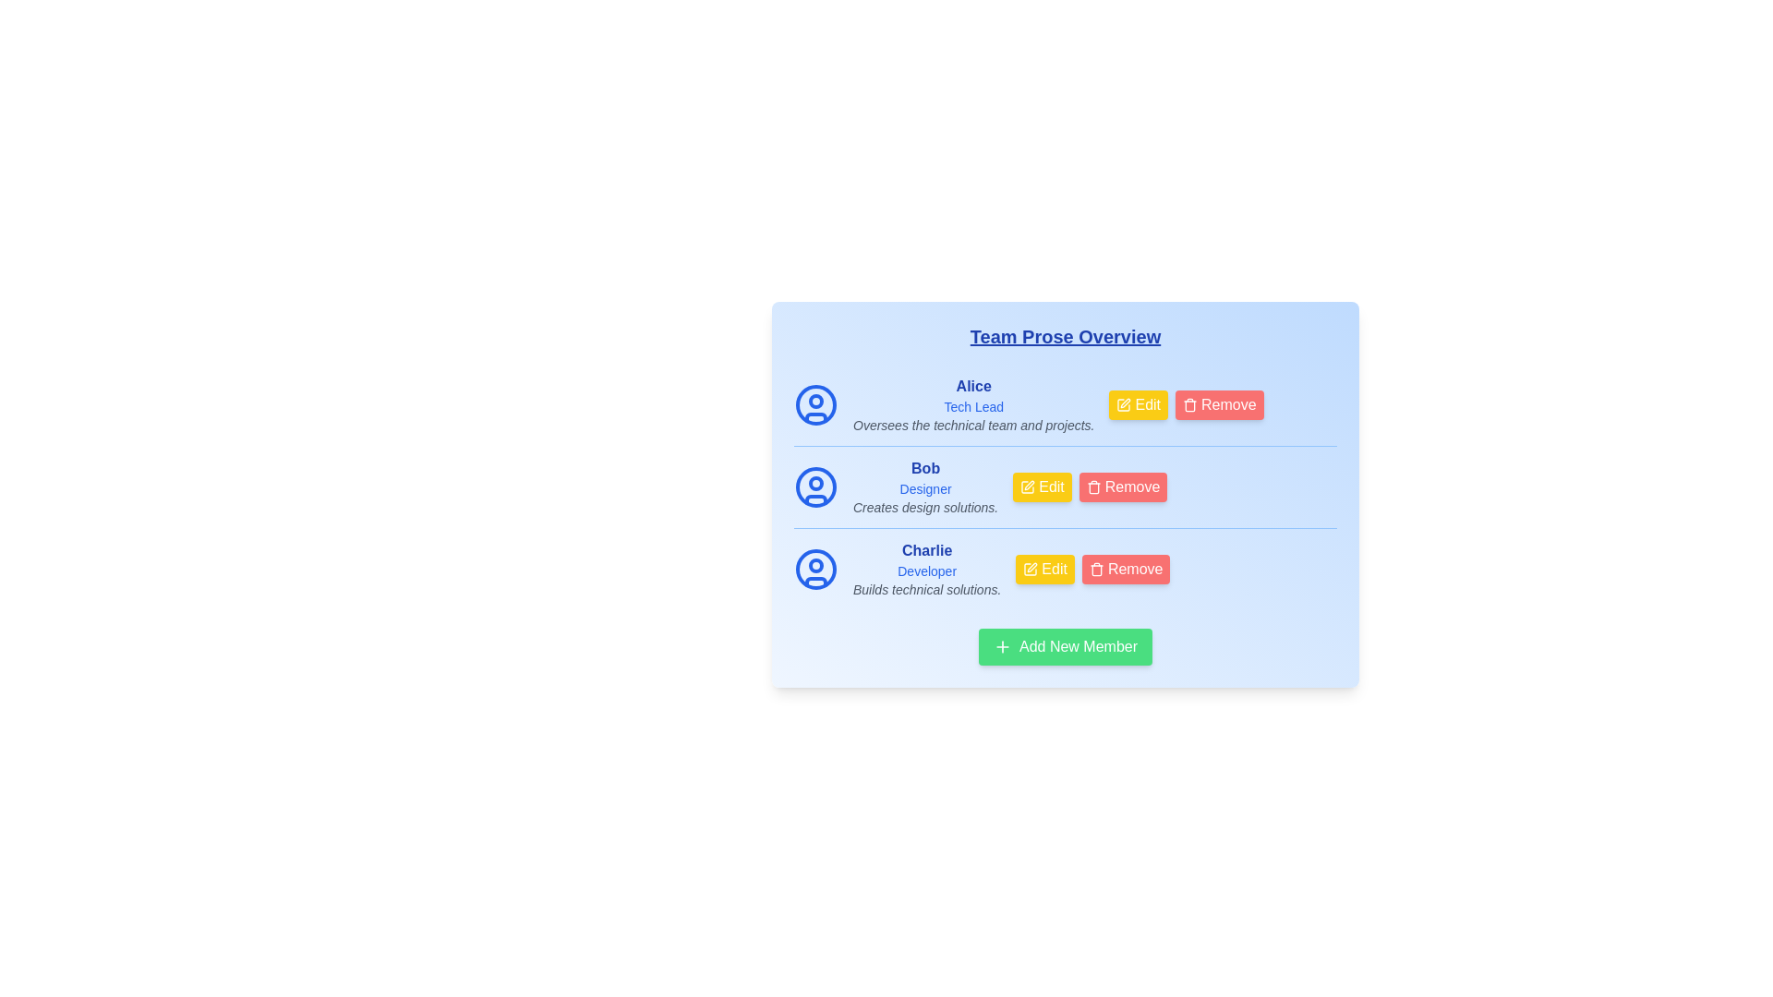 This screenshot has width=1773, height=997. Describe the element at coordinates (927, 570) in the screenshot. I see `text label that says 'Developer', which is styled with a smaller blue font and is positioned directly below the bold text 'Charlie' in the user profile card` at that location.